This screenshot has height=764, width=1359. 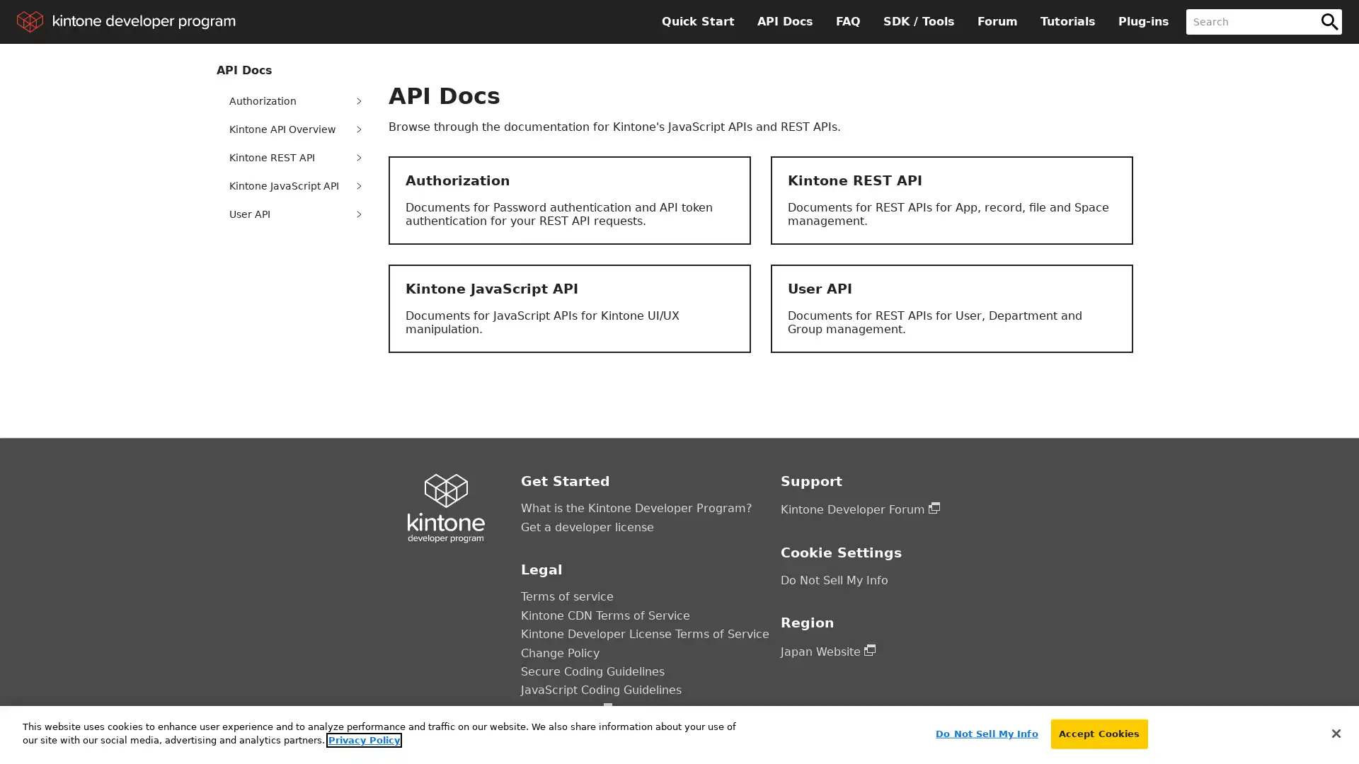 I want to click on Do Not Sell My Info, so click(x=985, y=733).